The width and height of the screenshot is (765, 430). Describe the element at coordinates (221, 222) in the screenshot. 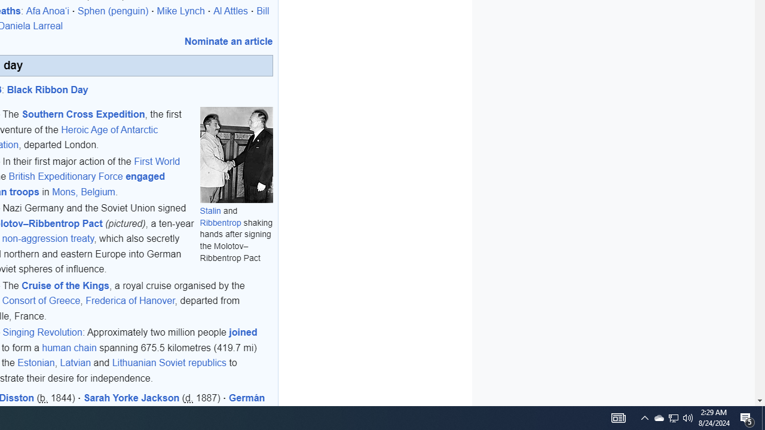

I see `'Ribbentrop'` at that location.